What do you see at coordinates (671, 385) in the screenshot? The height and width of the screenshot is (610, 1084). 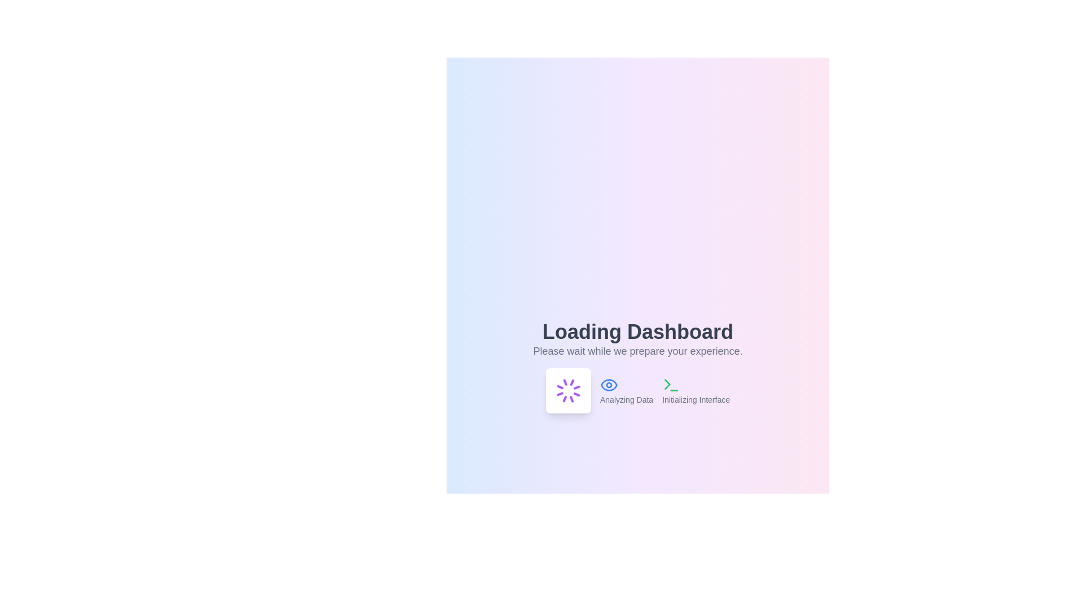 I see `the 'Initializing Interface' icon located at the rightmost end of the 'Loading Dashboard' section` at bounding box center [671, 385].